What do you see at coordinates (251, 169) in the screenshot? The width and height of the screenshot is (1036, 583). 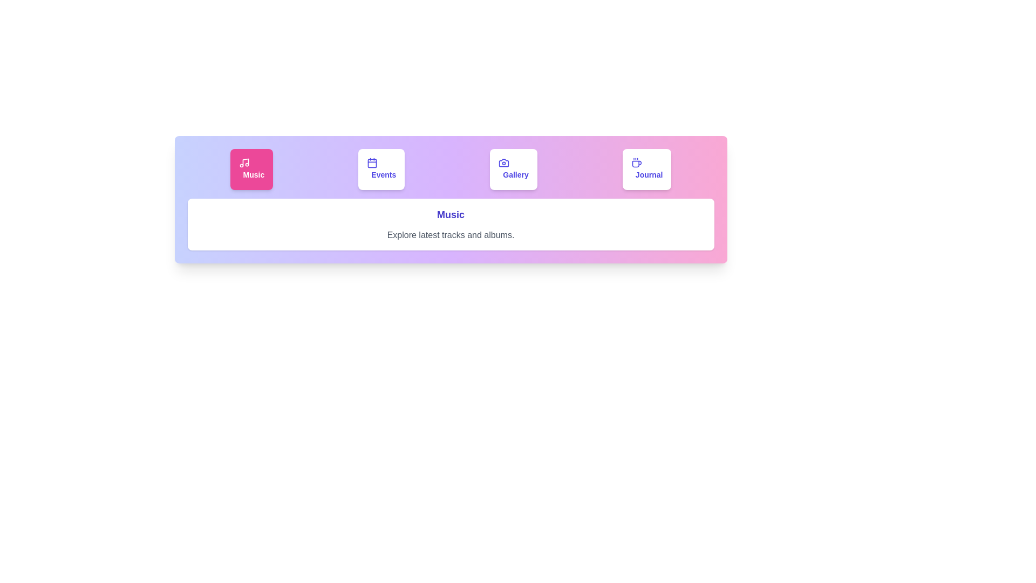 I see `the tab labeled Music to select it` at bounding box center [251, 169].